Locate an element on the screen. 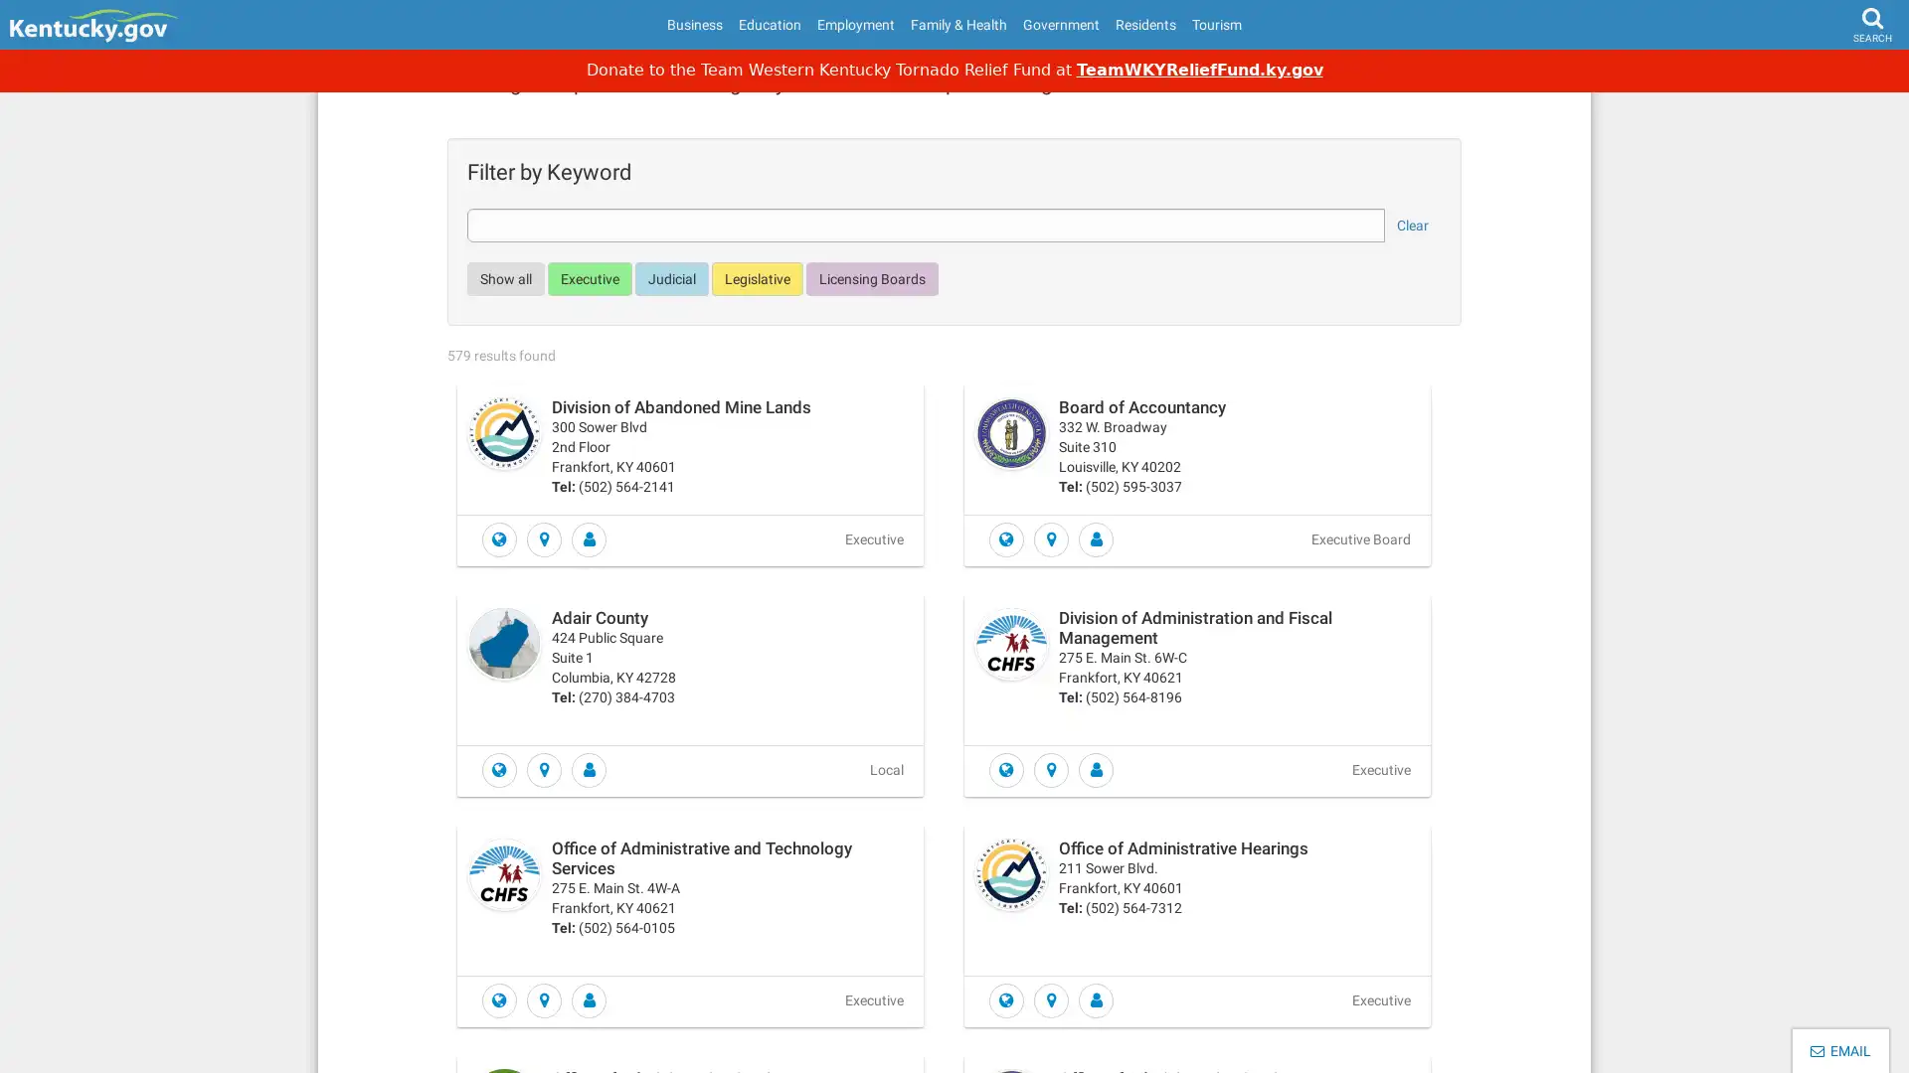  Executive is located at coordinates (589, 279).